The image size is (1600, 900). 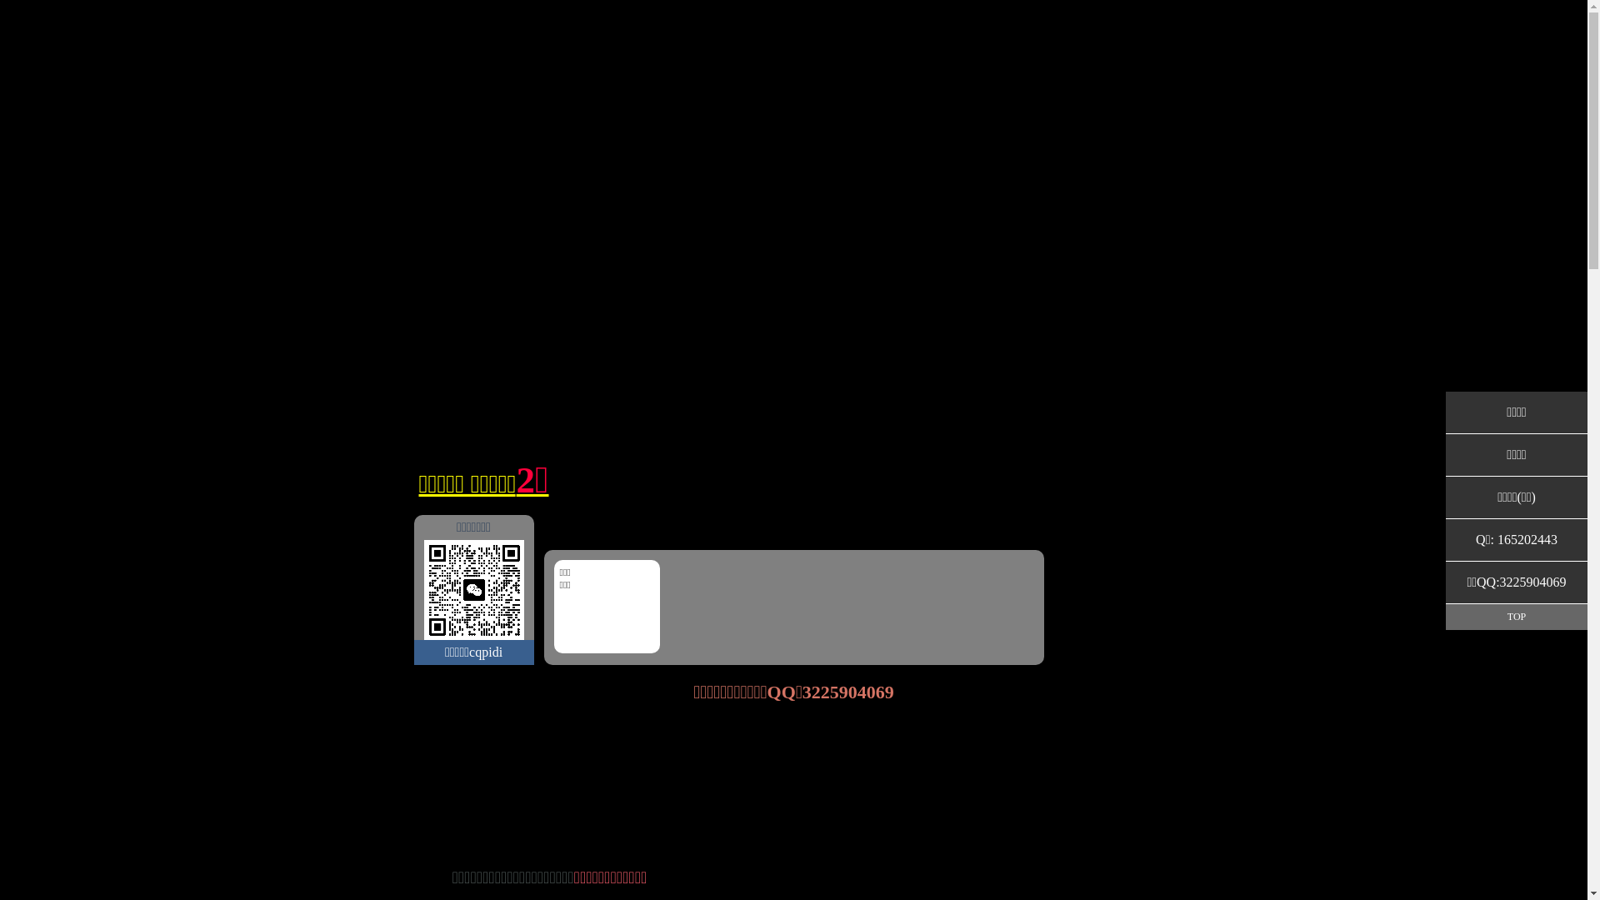 I want to click on 'TOP', so click(x=1516, y=617).